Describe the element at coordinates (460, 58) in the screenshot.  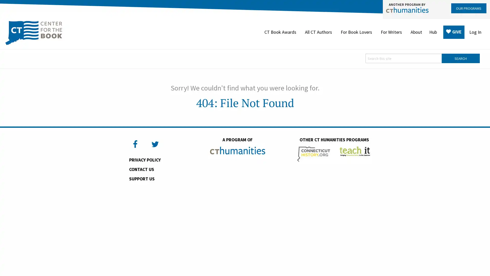
I see `Search` at that location.